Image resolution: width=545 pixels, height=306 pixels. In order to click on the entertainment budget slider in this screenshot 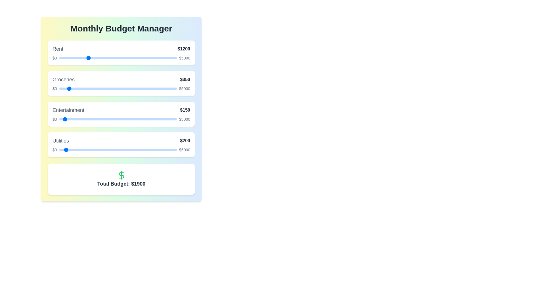, I will do `click(115, 119)`.